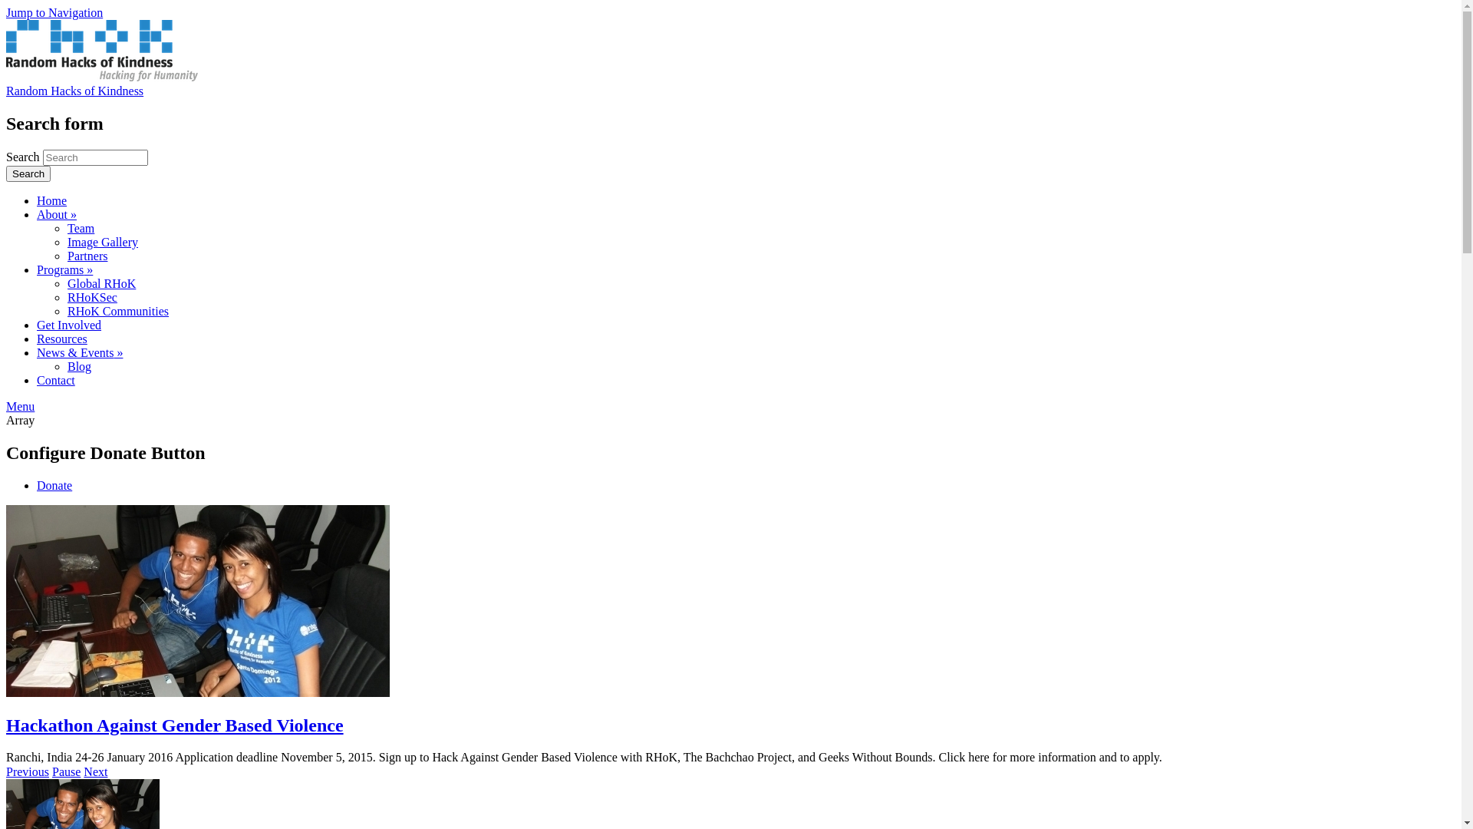  Describe the element at coordinates (101, 283) in the screenshot. I see `'Global RHoK'` at that location.